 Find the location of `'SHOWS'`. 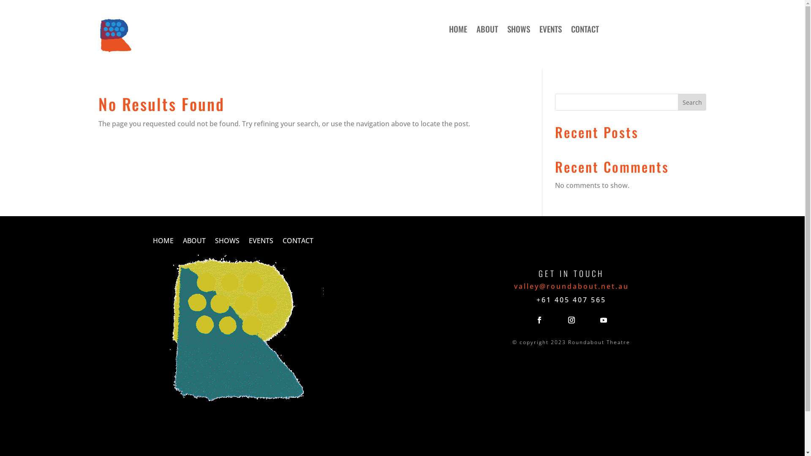

'SHOWS' is located at coordinates (518, 30).